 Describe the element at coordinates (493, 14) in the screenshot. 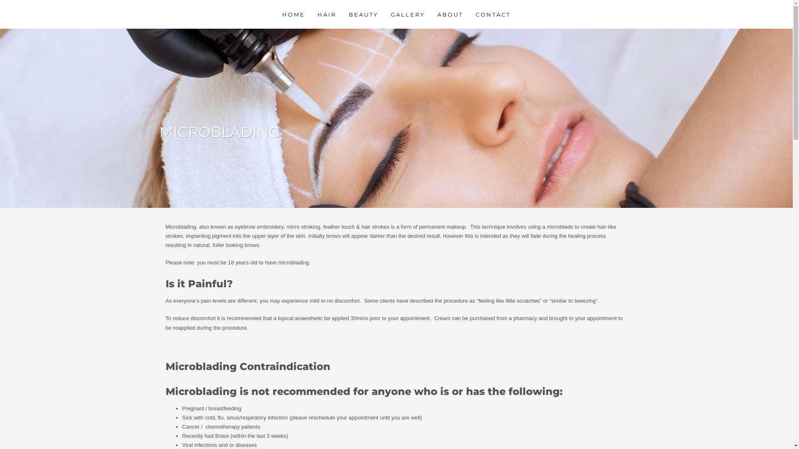

I see `'CONTACT'` at that location.